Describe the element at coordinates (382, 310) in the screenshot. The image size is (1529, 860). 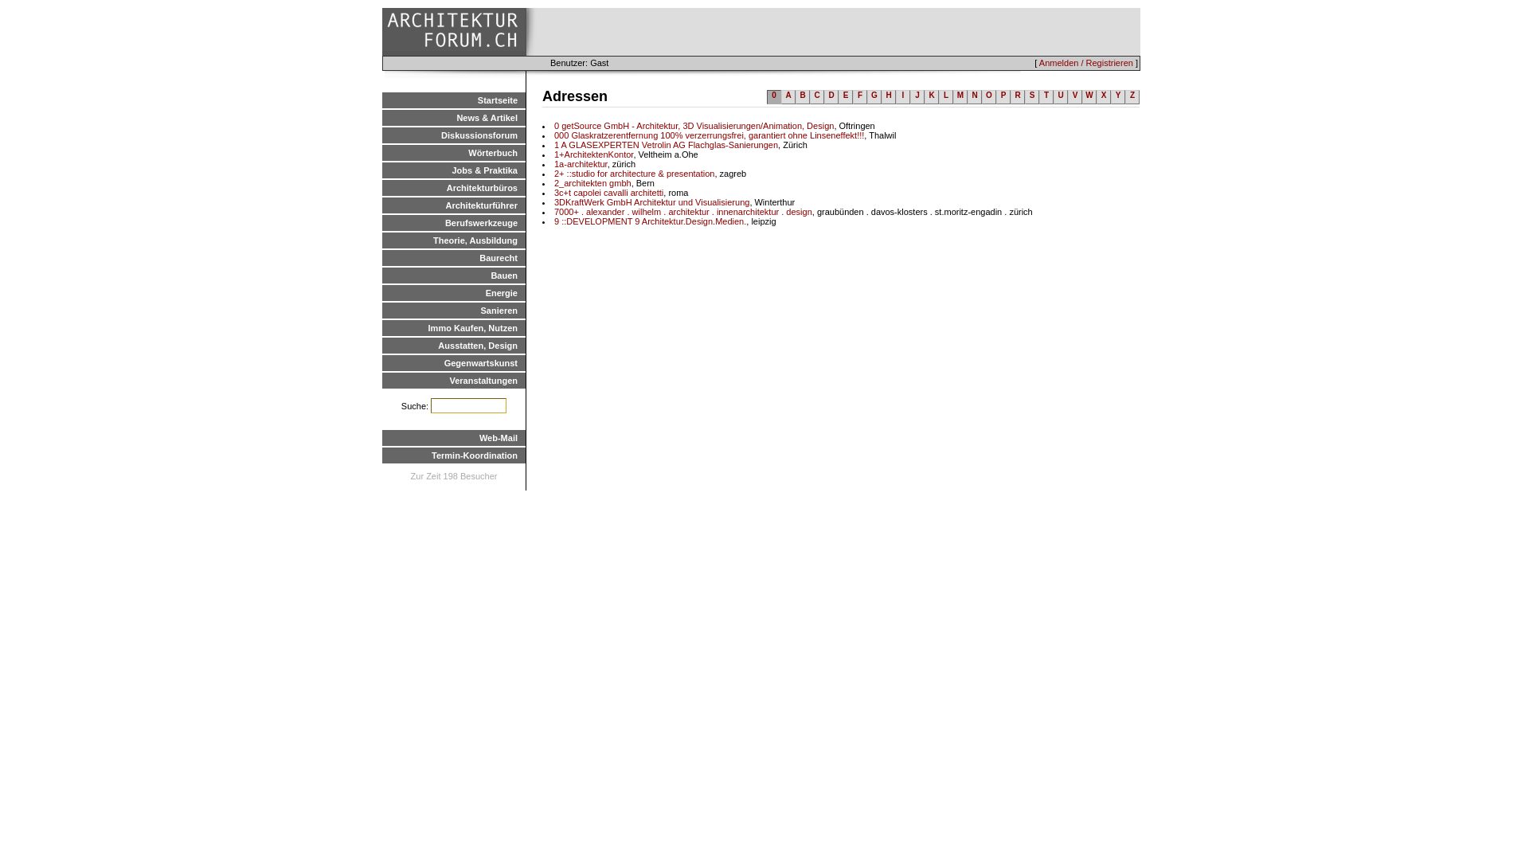
I see `'Sanieren'` at that location.